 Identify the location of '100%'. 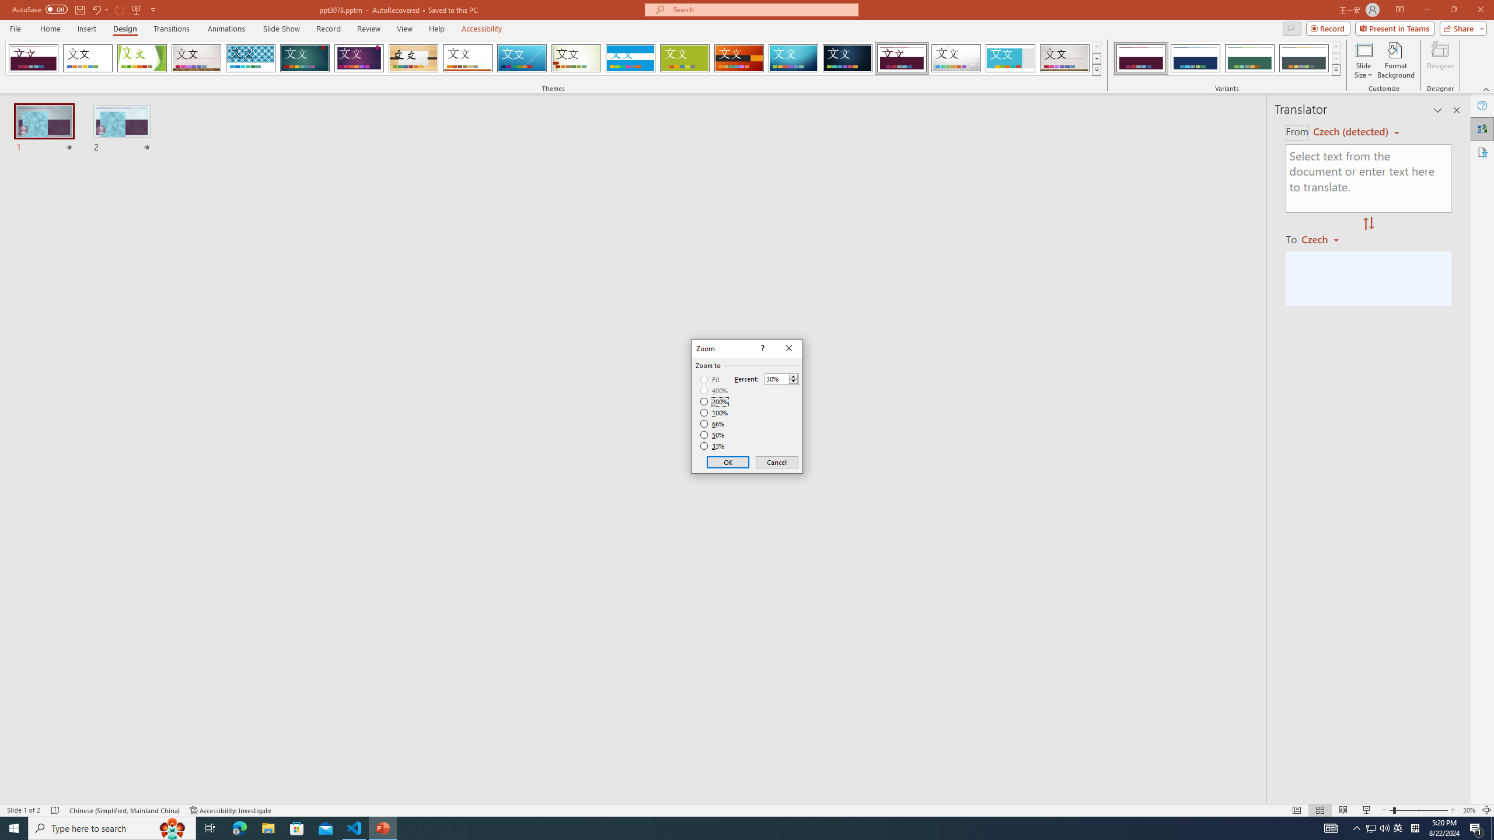
(714, 412).